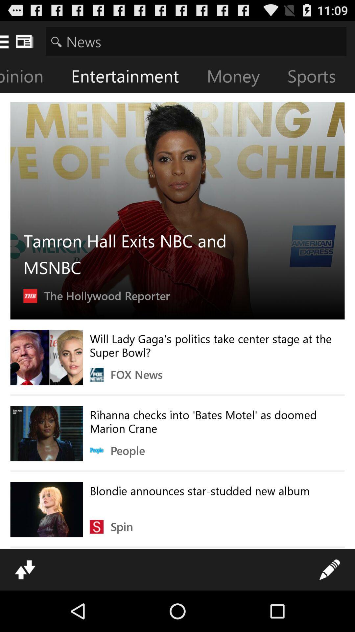  I want to click on icon next to the sports item, so click(238, 77).